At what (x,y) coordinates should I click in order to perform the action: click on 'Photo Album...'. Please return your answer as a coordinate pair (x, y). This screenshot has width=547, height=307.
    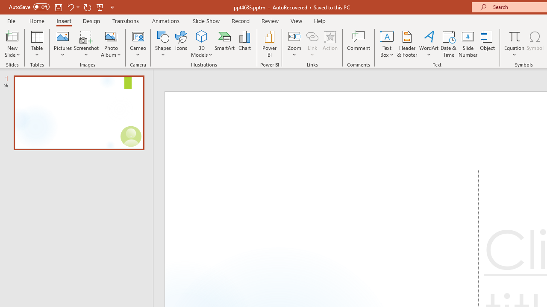
    Looking at the image, I should click on (110, 44).